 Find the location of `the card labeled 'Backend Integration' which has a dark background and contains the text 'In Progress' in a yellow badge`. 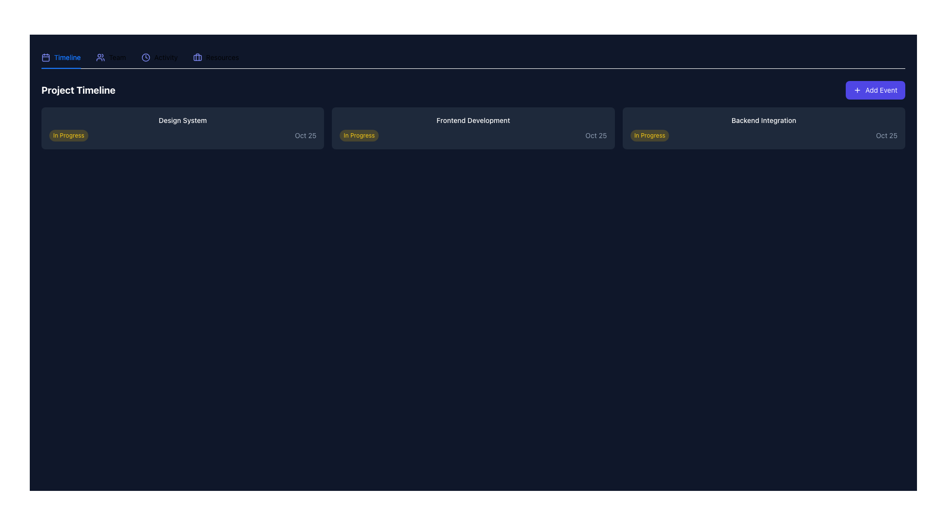

the card labeled 'Backend Integration' which has a dark background and contains the text 'In Progress' in a yellow badge is located at coordinates (763, 127).